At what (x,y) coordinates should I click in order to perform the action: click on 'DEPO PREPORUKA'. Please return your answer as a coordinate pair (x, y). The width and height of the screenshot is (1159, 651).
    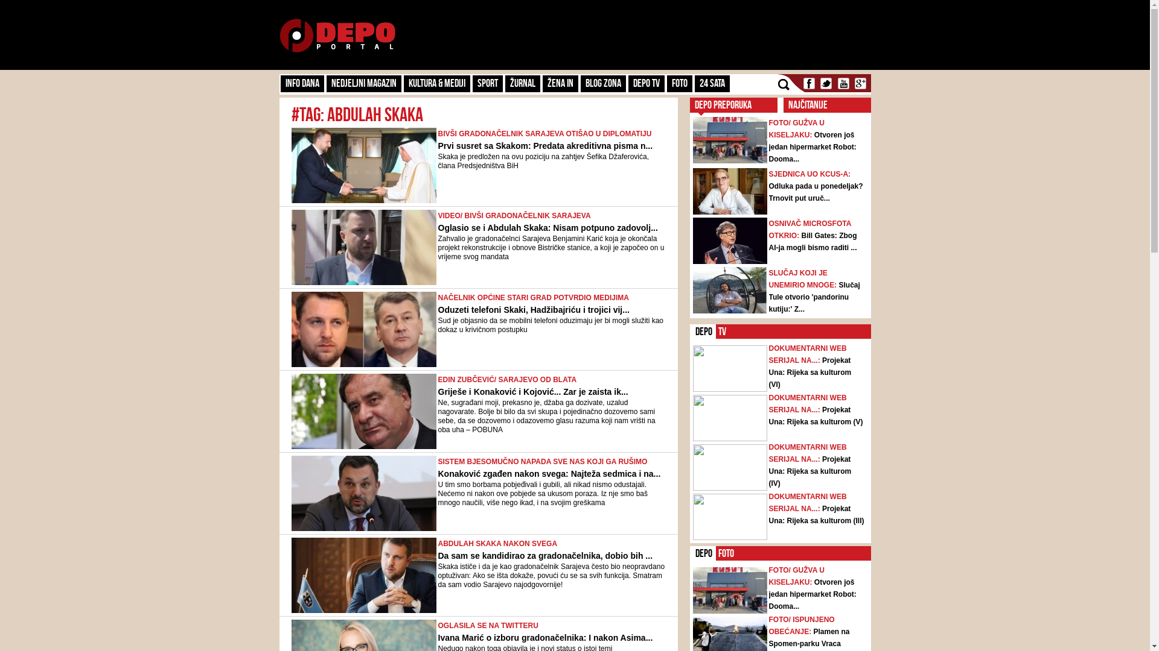
    Looking at the image, I should click on (722, 104).